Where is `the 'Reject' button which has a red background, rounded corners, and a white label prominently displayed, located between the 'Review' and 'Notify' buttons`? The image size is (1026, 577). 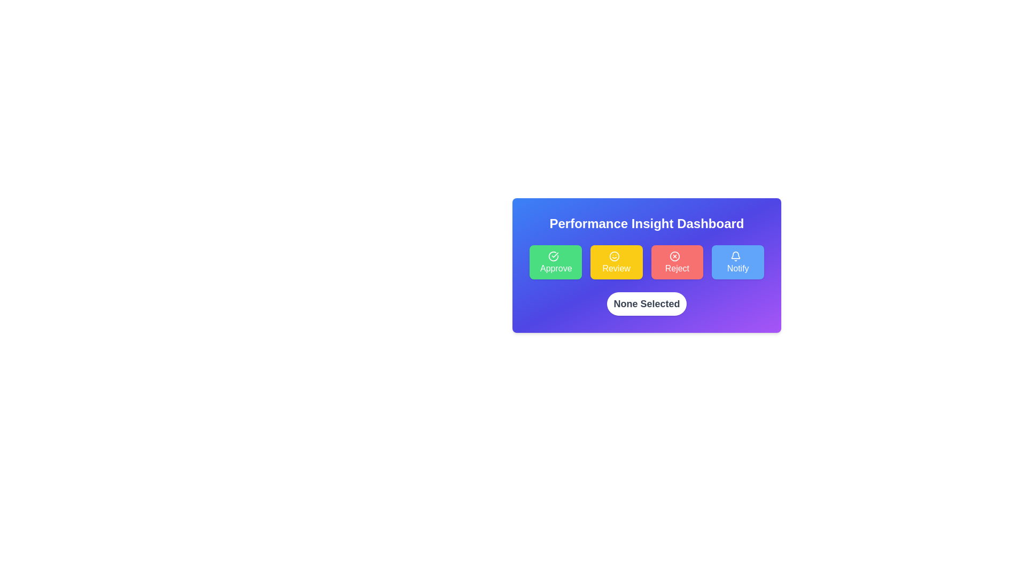 the 'Reject' button which has a red background, rounded corners, and a white label prominently displayed, located between the 'Review' and 'Notify' buttons is located at coordinates (677, 262).